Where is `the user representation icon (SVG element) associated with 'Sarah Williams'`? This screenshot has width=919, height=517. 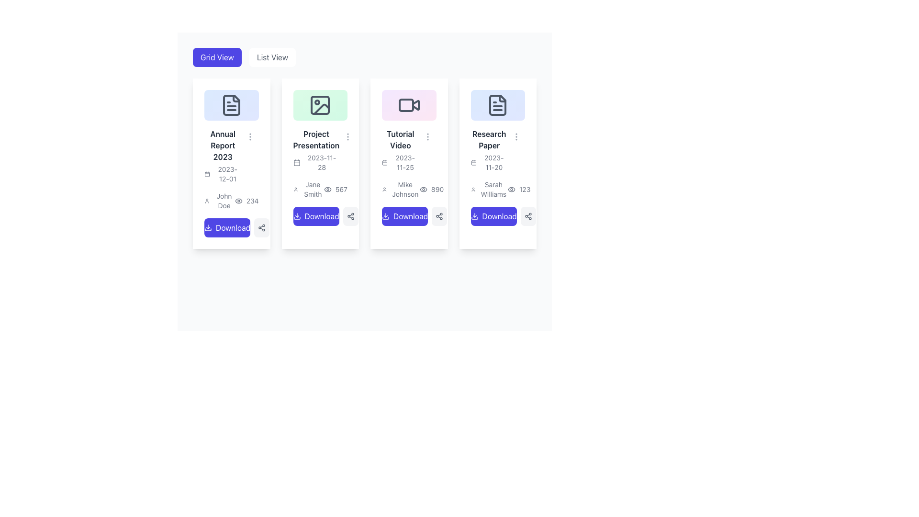 the user representation icon (SVG element) associated with 'Sarah Williams' is located at coordinates (473, 189).